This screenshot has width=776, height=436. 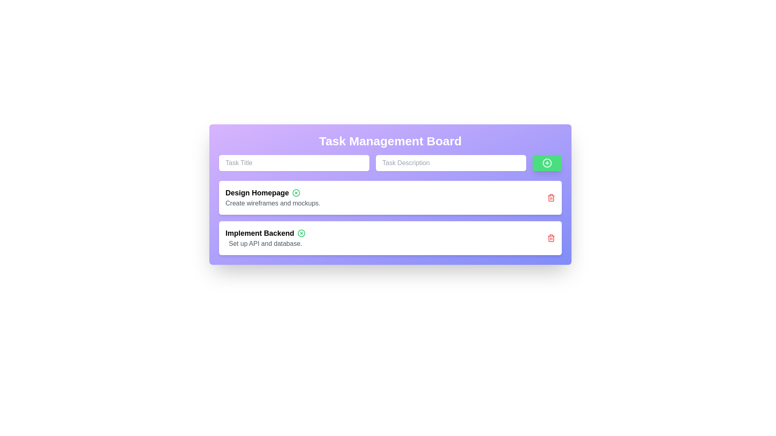 I want to click on the Task Display Block containing the text 'Implement Backend' and 'Set up API and database.' which is the second entry in the 'Task Management Board' list, so click(x=266, y=238).